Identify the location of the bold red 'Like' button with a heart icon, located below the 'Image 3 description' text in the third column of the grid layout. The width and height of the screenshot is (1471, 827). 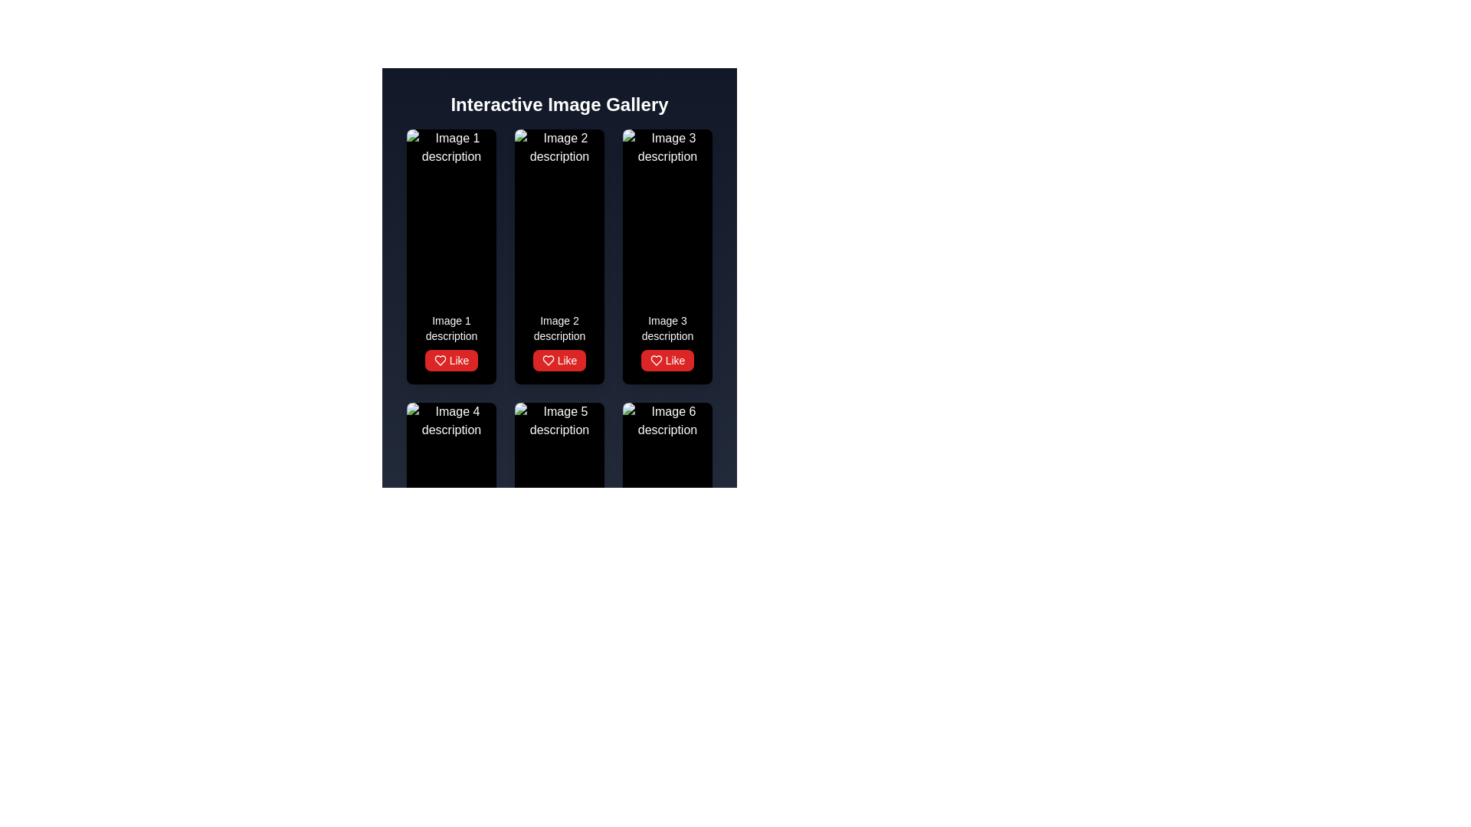
(667, 360).